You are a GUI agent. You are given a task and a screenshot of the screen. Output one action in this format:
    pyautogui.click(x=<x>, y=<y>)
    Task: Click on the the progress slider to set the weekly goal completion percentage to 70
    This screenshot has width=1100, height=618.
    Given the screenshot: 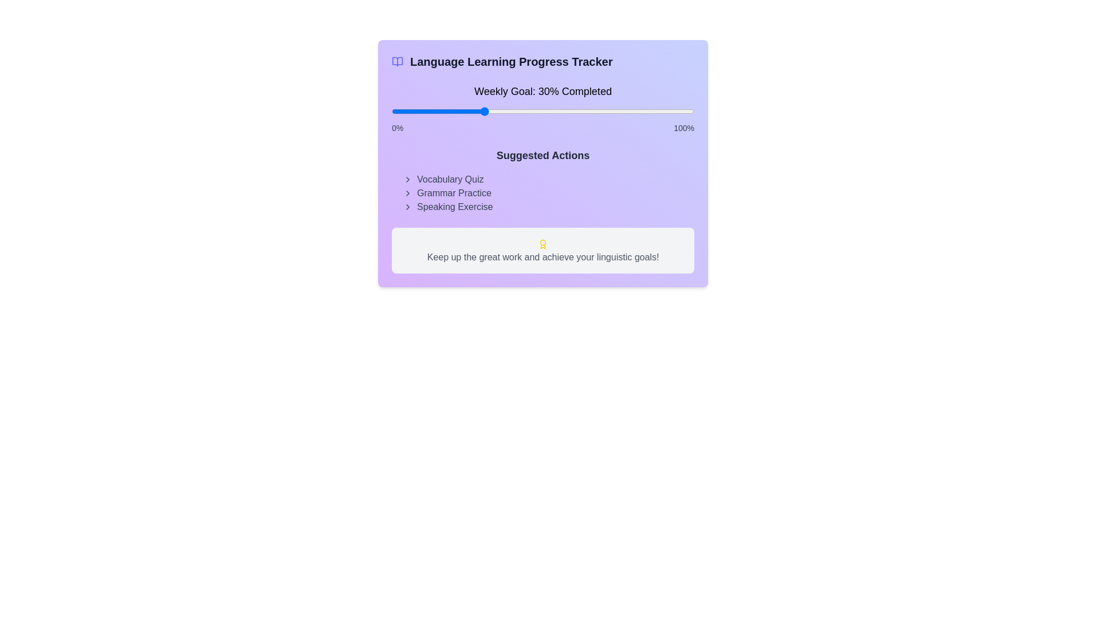 What is the action you would take?
    pyautogui.click(x=603, y=112)
    